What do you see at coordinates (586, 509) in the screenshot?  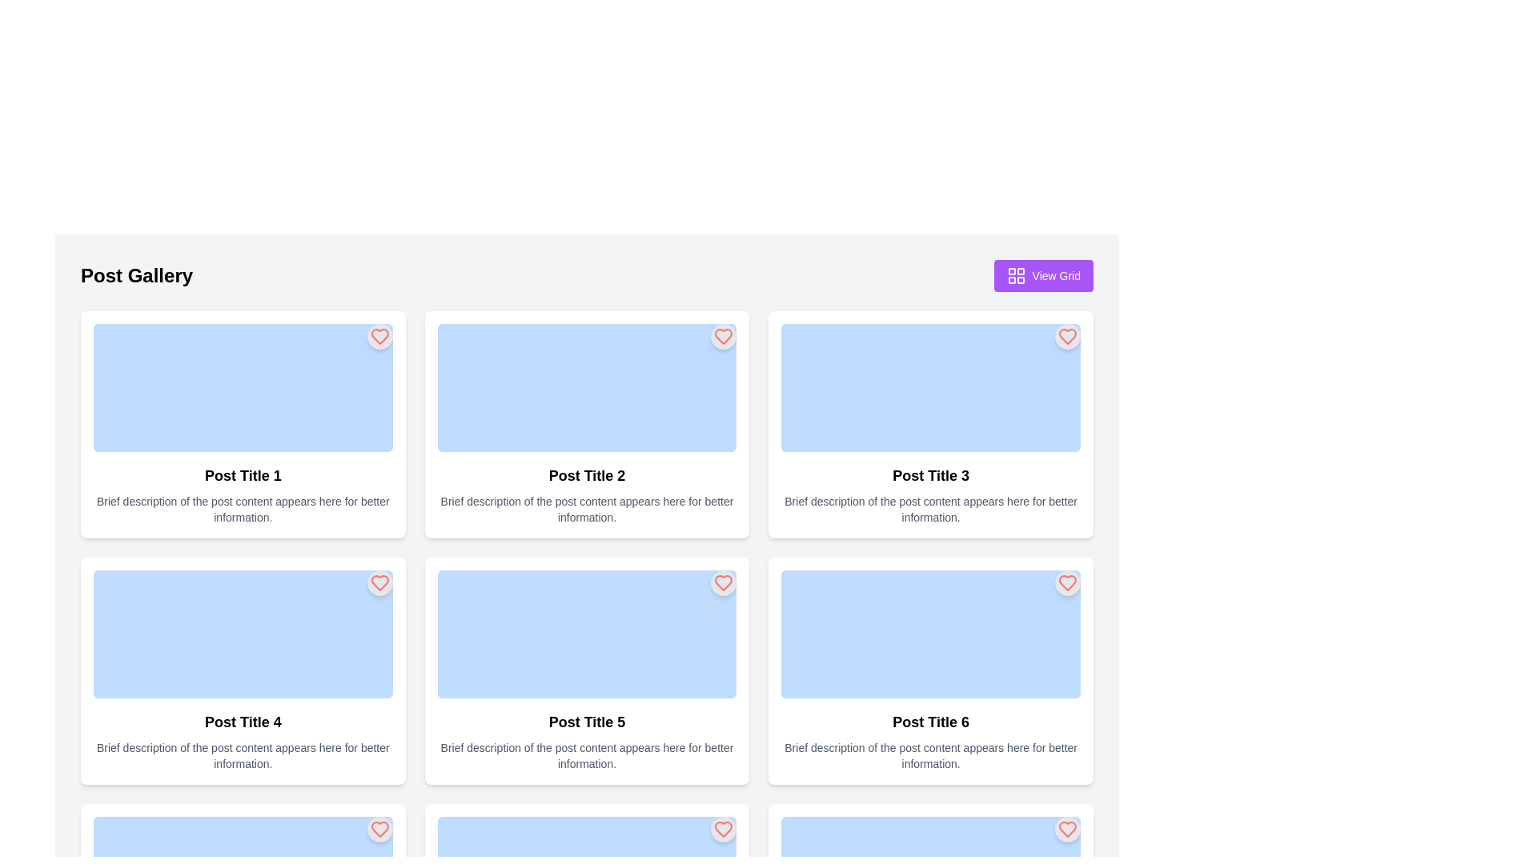 I see `the Text label that provides a brief description of the second post in the gallery, located directly below the title 'Post Title 2' and the featured image` at bounding box center [586, 509].